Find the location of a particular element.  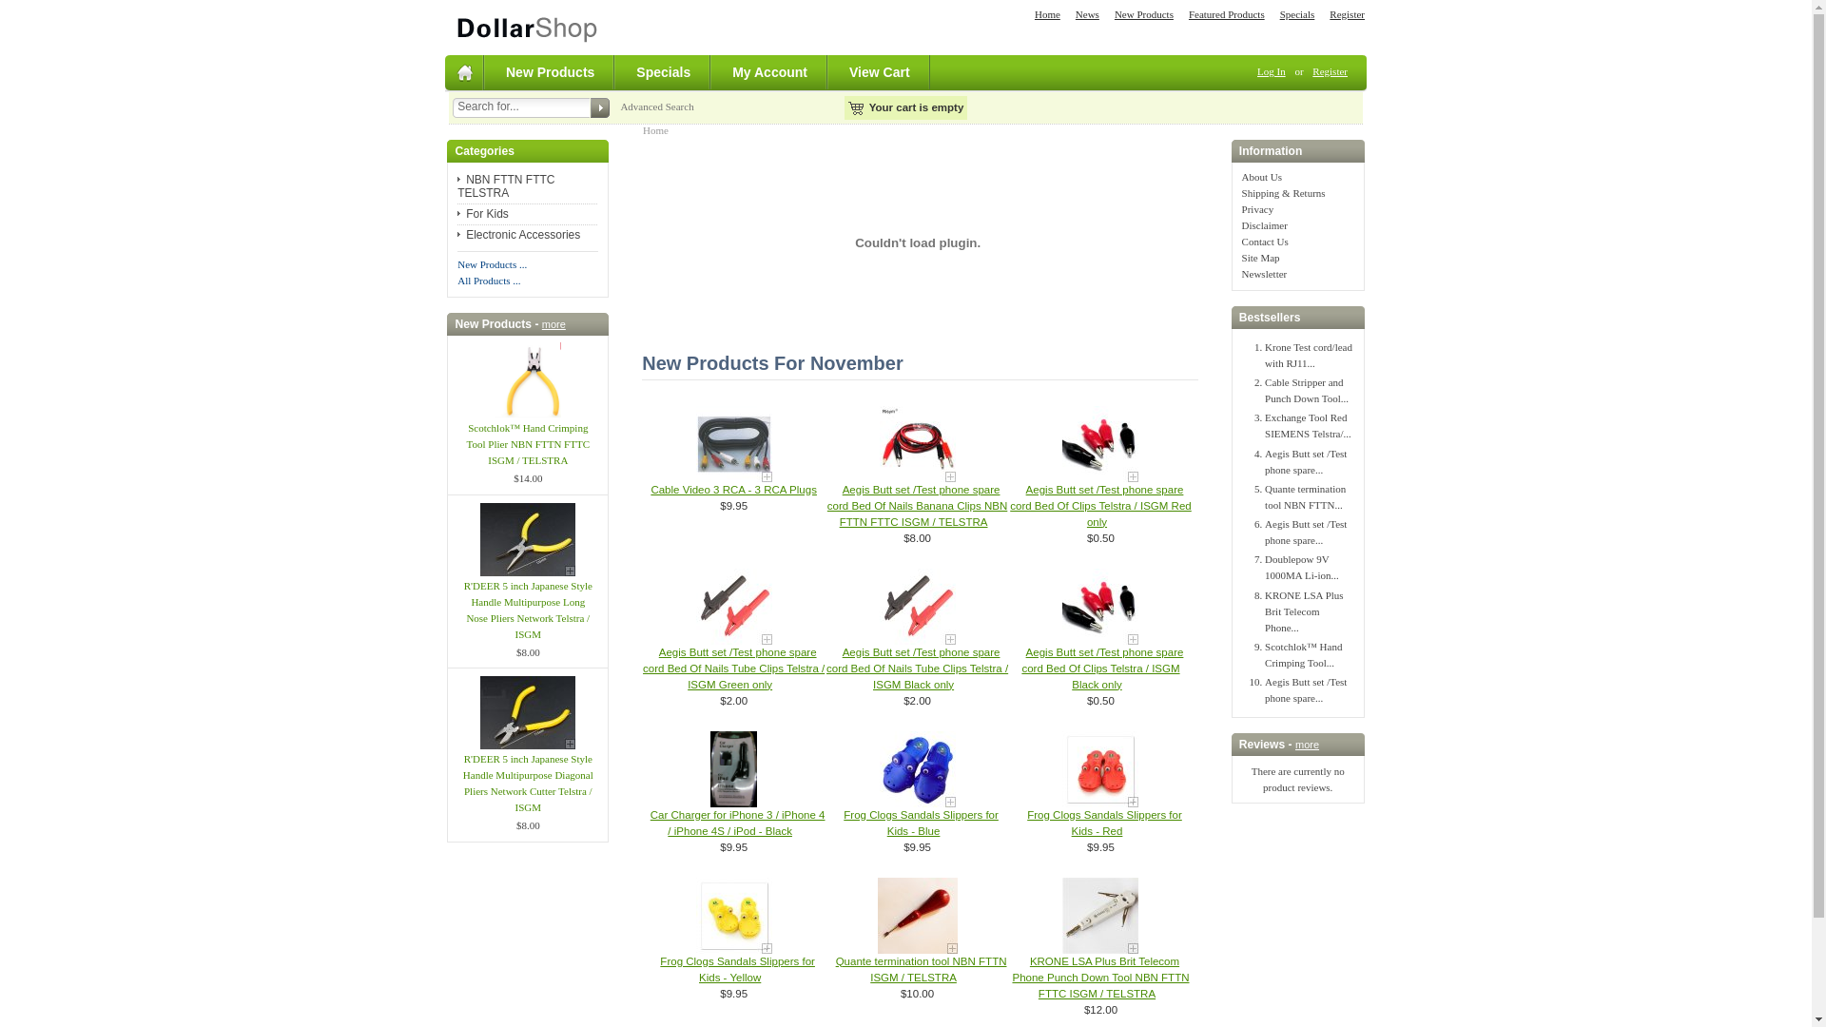

'News' is located at coordinates (1087, 14).